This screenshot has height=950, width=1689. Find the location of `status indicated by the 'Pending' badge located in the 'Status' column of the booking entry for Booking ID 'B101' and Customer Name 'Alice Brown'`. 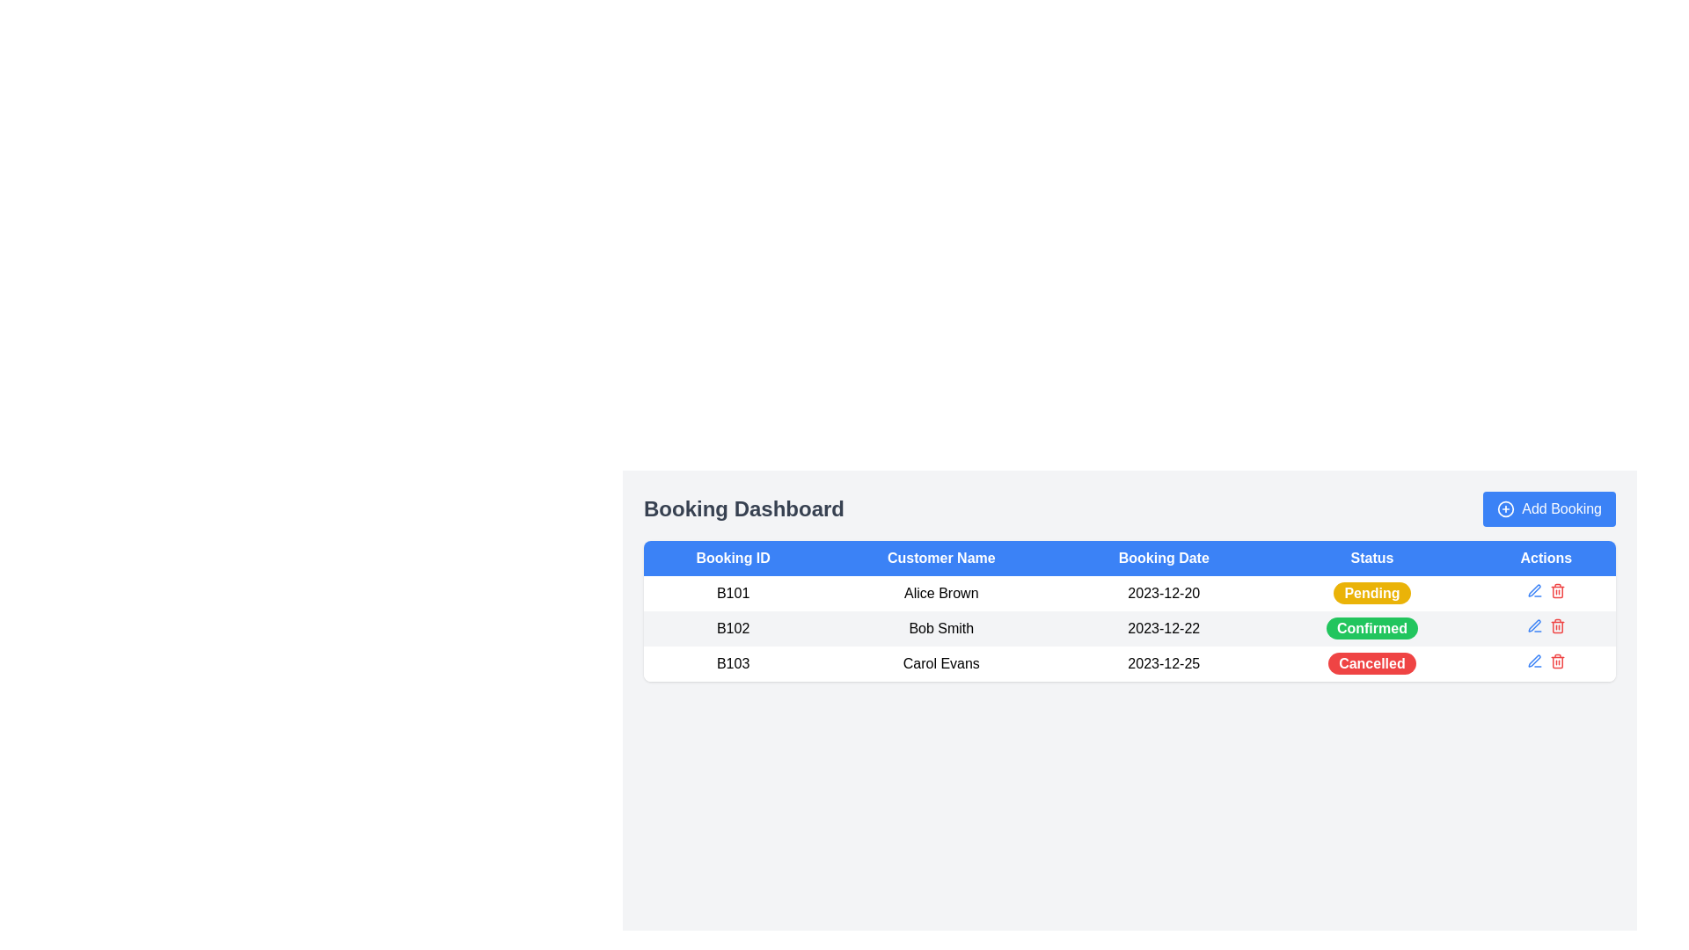

status indicated by the 'Pending' badge located in the 'Status' column of the booking entry for Booking ID 'B101' and Customer Name 'Alice Brown' is located at coordinates (1371, 593).